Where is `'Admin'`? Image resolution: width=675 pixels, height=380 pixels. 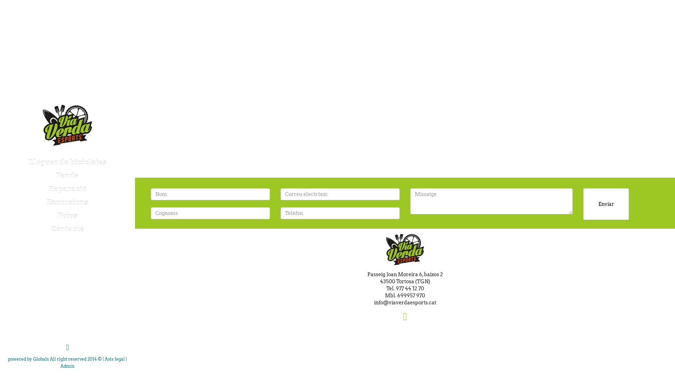
'Admin' is located at coordinates (60, 366).